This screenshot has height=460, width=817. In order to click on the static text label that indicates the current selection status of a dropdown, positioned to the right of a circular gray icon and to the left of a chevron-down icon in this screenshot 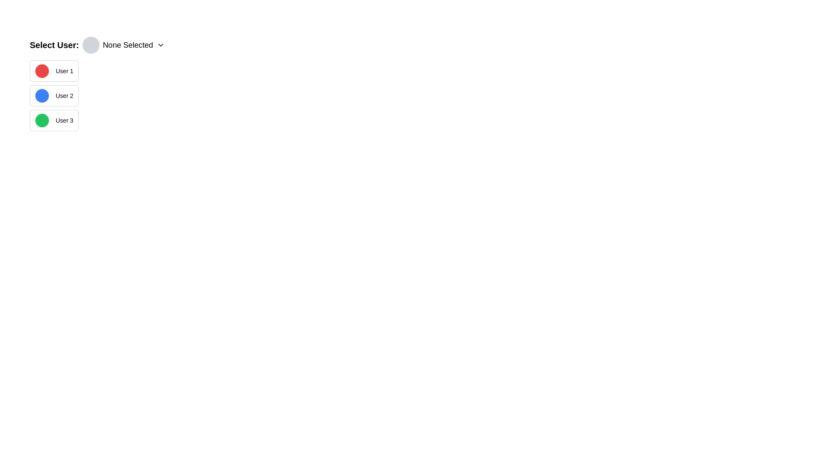, I will do `click(127, 45)`.